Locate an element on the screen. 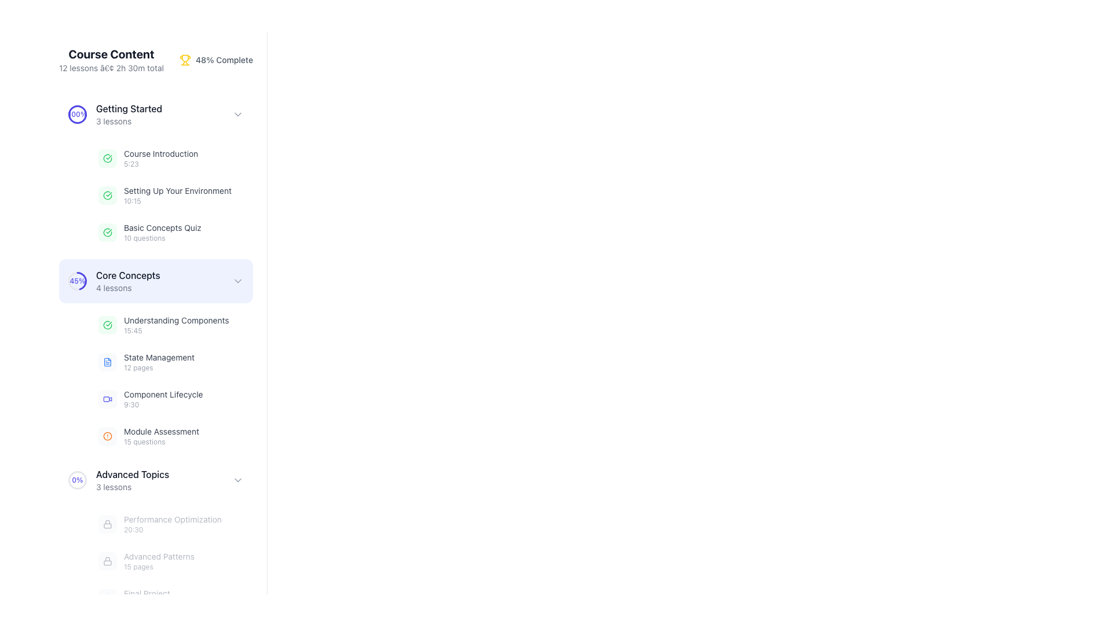 This screenshot has width=1112, height=625. the navigational button for 'Module Assessment', which is the fourth button under the 'Core Concepts' section, to change its background color is located at coordinates (171, 436).